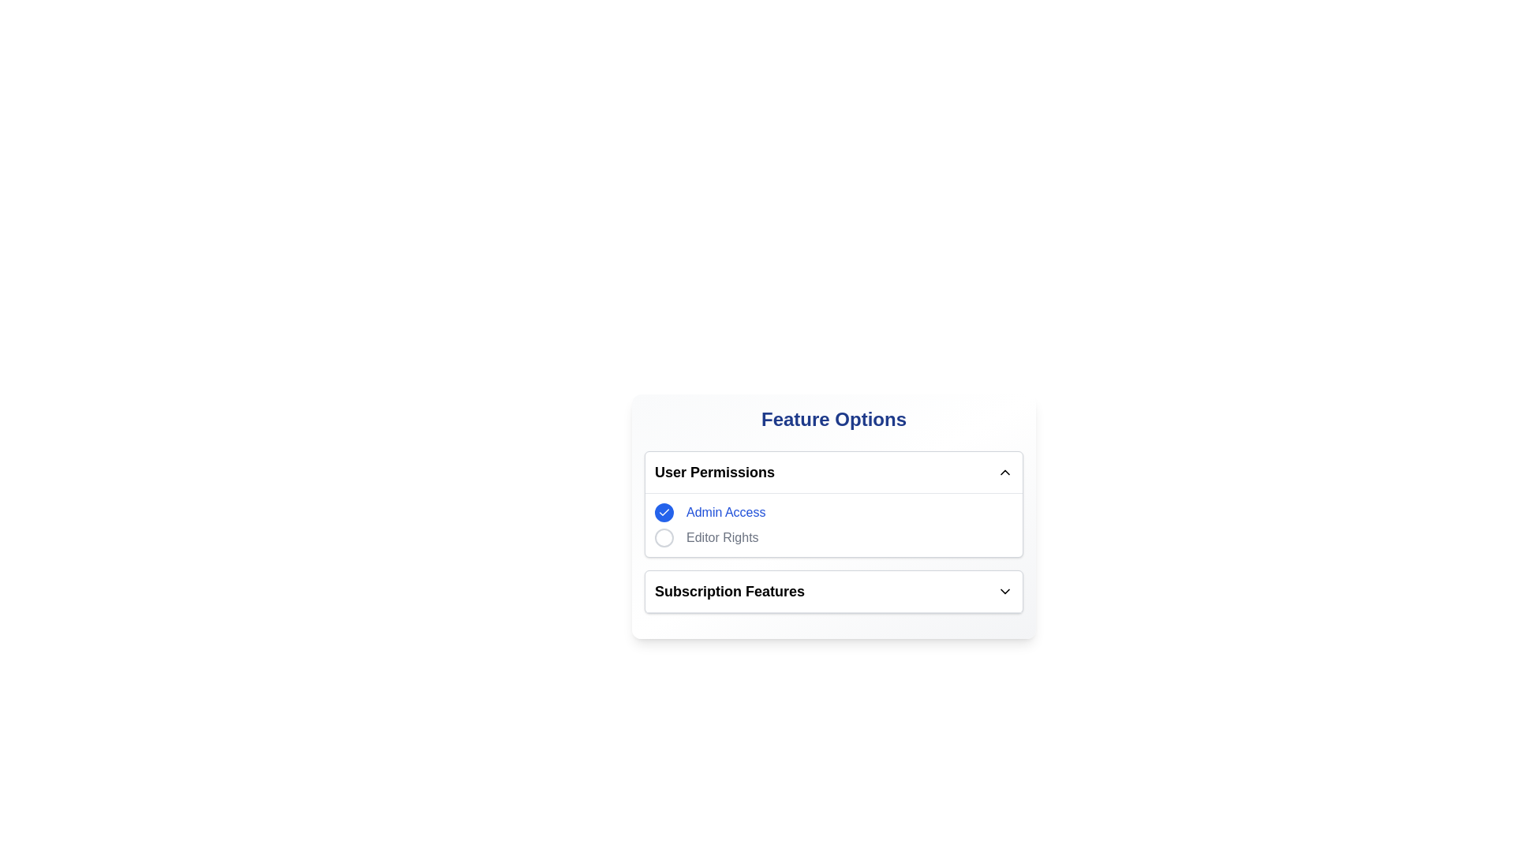 This screenshot has width=1515, height=852. What do you see at coordinates (664, 513) in the screenshot?
I see `the check icon with a white color and a circular blue background, which is adjacent to the 'Admin Access' label in the 'User Permissions' group, to trigger additional effects` at bounding box center [664, 513].